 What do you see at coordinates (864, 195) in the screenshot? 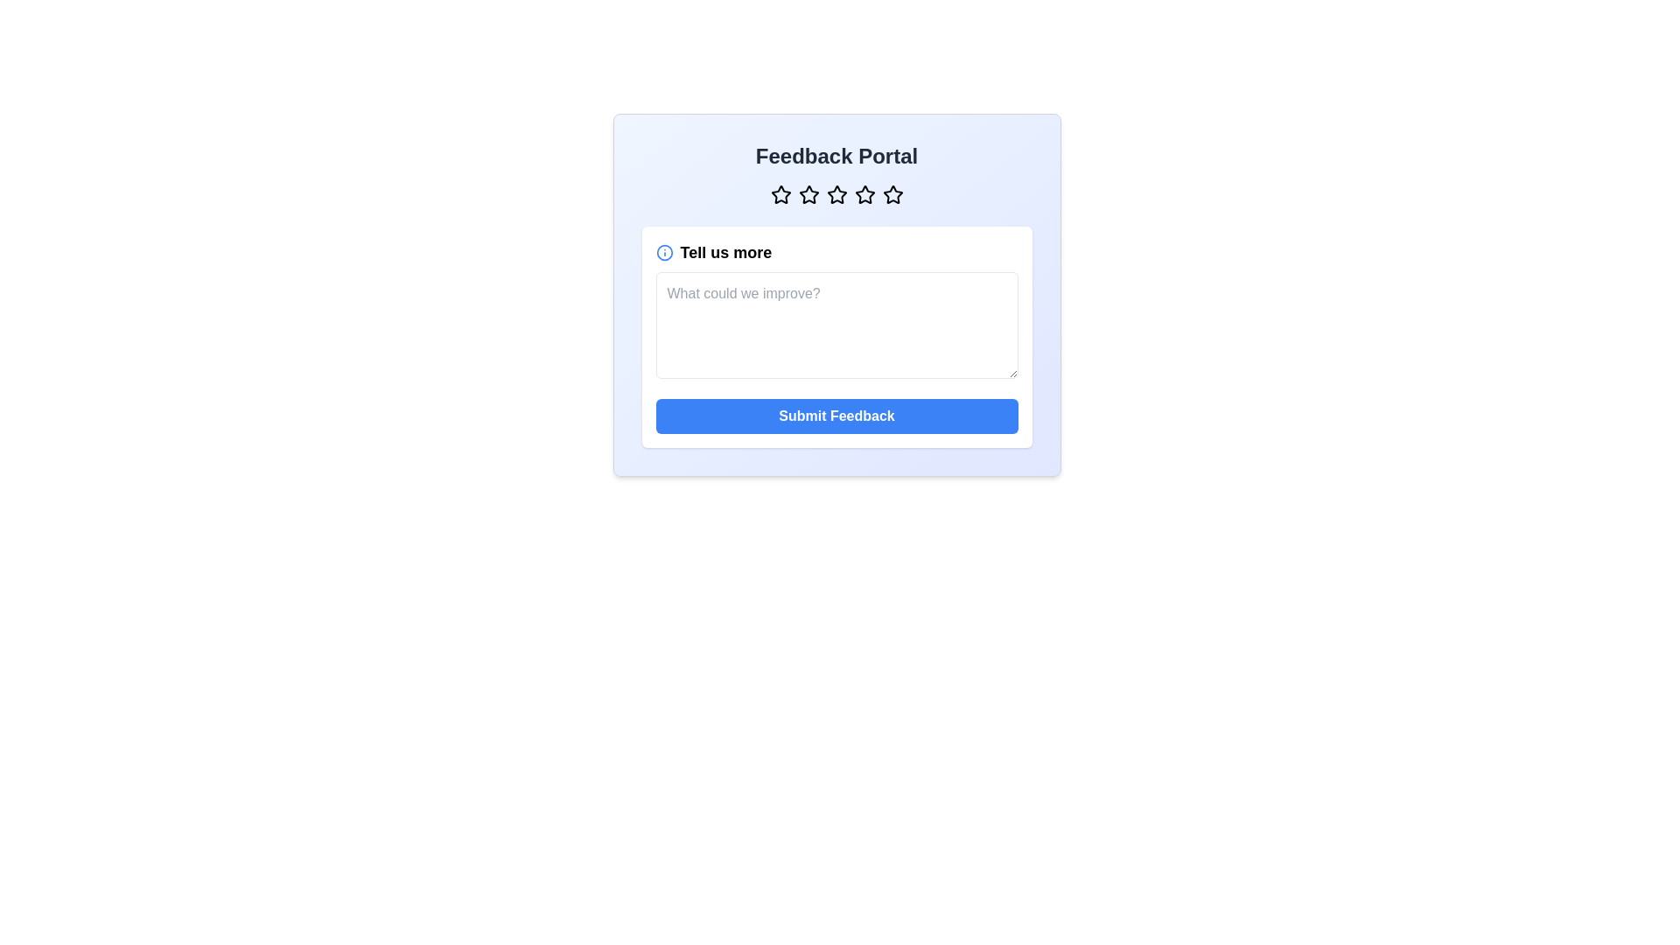
I see `the fourth rating star icon in the Feedback Portal dialog` at bounding box center [864, 195].